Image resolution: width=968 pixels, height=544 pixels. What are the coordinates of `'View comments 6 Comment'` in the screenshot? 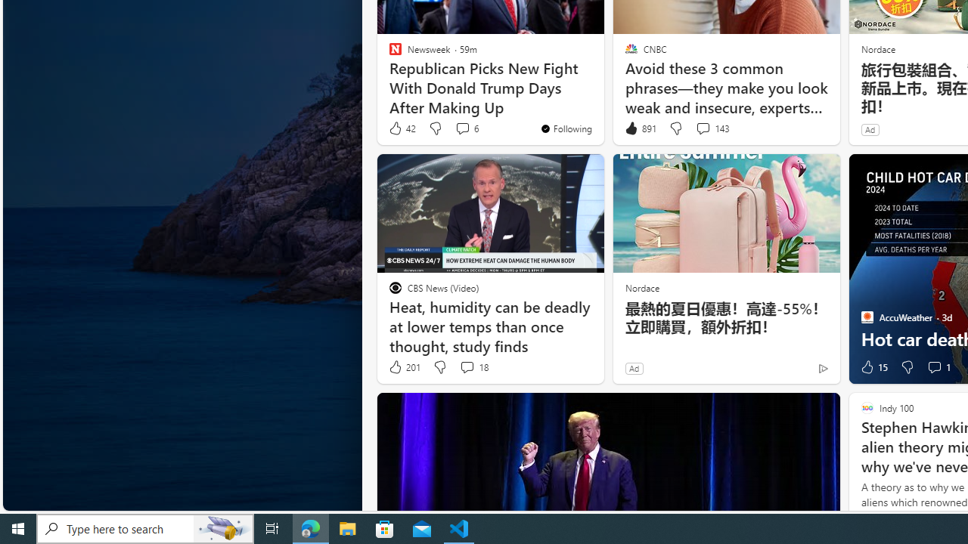 It's located at (461, 127).